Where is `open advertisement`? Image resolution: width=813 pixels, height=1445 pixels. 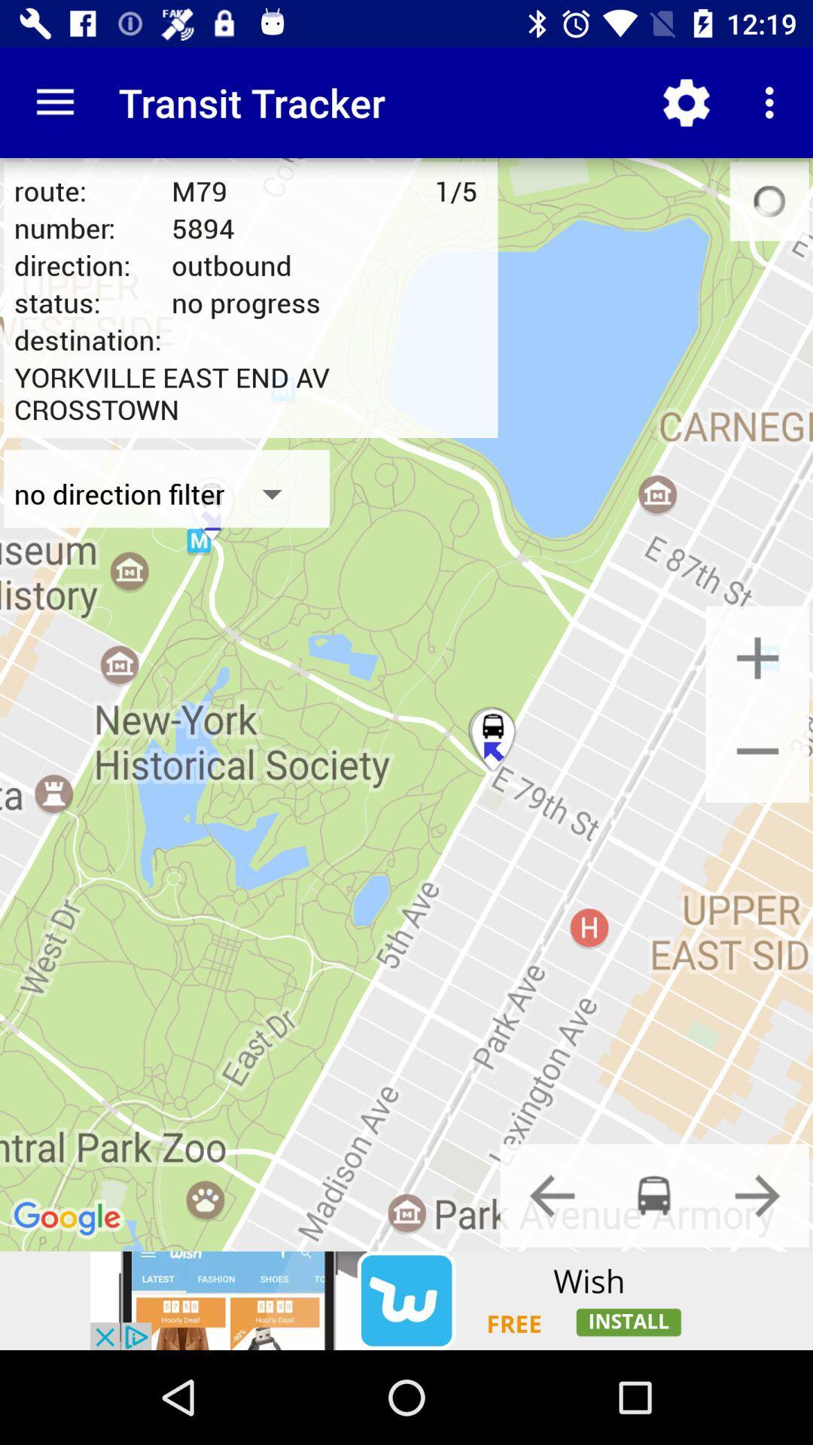
open advertisement is located at coordinates (406, 1300).